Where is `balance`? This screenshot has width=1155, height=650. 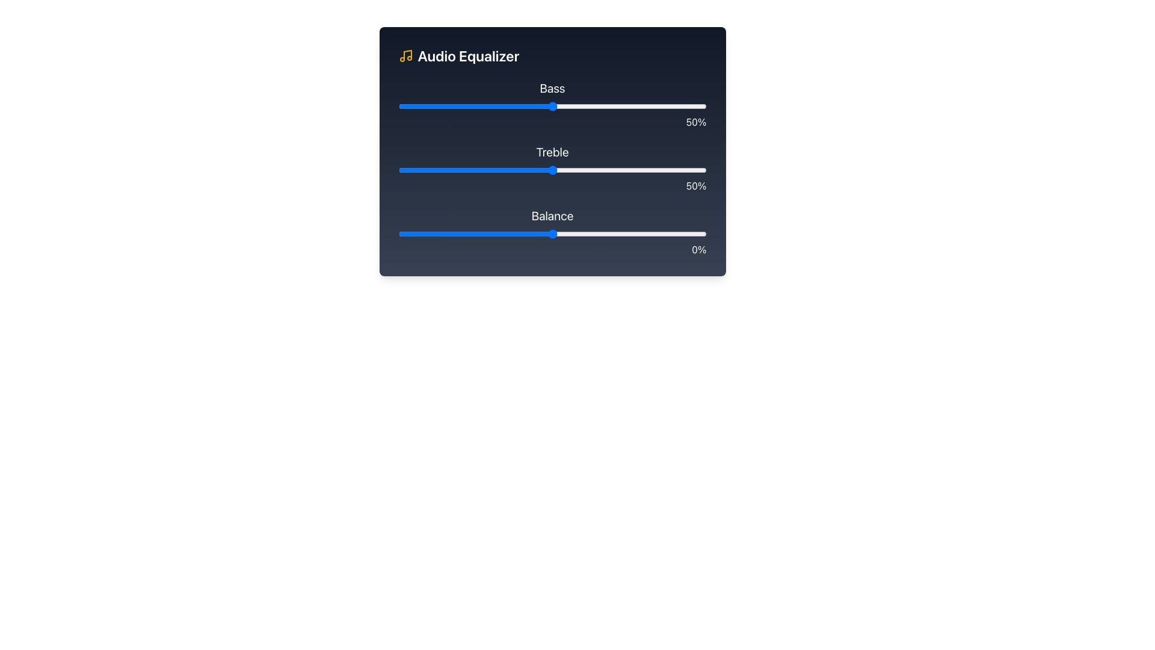 balance is located at coordinates (491, 234).